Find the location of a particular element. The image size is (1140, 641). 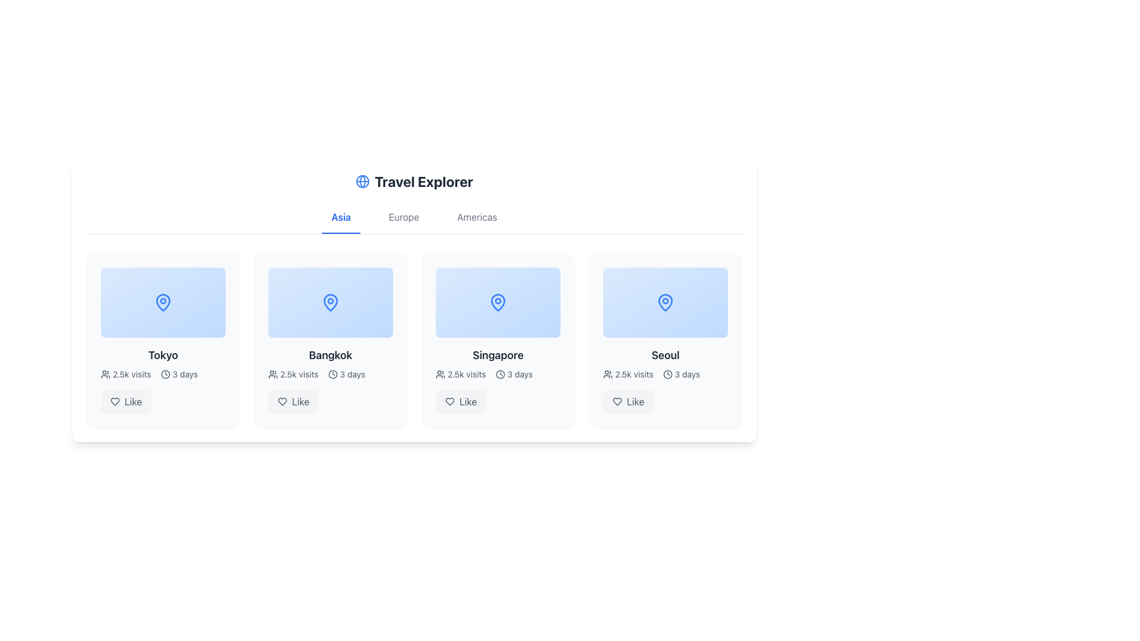

the icon representing a group of users, which is positioned to the left of the '2.5k visits' text in the lower section of the 'Seoul' card is located at coordinates (607, 375).